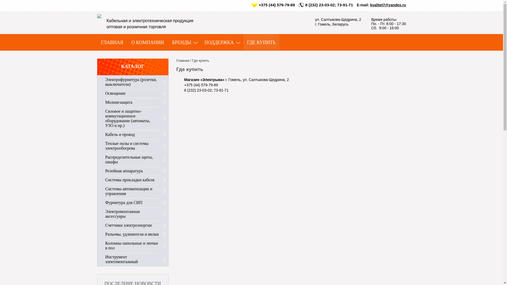 This screenshot has height=285, width=507. Describe the element at coordinates (370, 5) in the screenshot. I see `'kvalitet7@yandex.ru'` at that location.